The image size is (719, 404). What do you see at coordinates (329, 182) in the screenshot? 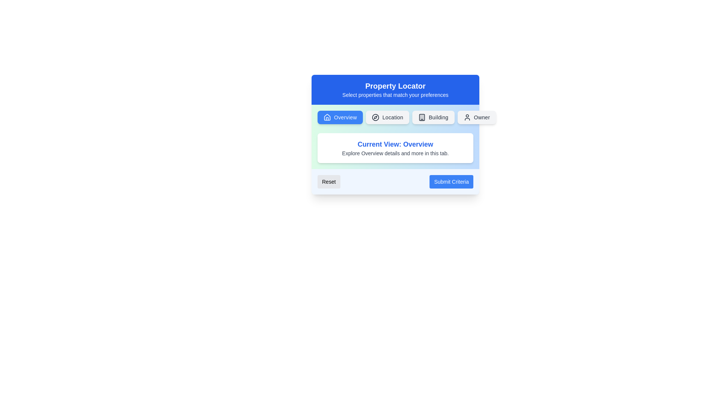
I see `the 'Reset' button located in the bottom-left section of the rectangular toolbar at the bottom of the card to reset settings` at bounding box center [329, 182].